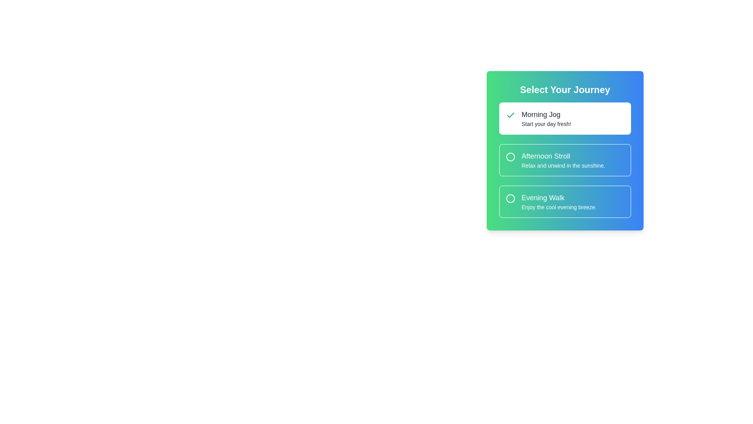 The height and width of the screenshot is (424, 753). Describe the element at coordinates (546, 115) in the screenshot. I see `the title text element that identifies a selectable option, located at the top of the card above the smaller text 'Start your day fresh!'` at that location.